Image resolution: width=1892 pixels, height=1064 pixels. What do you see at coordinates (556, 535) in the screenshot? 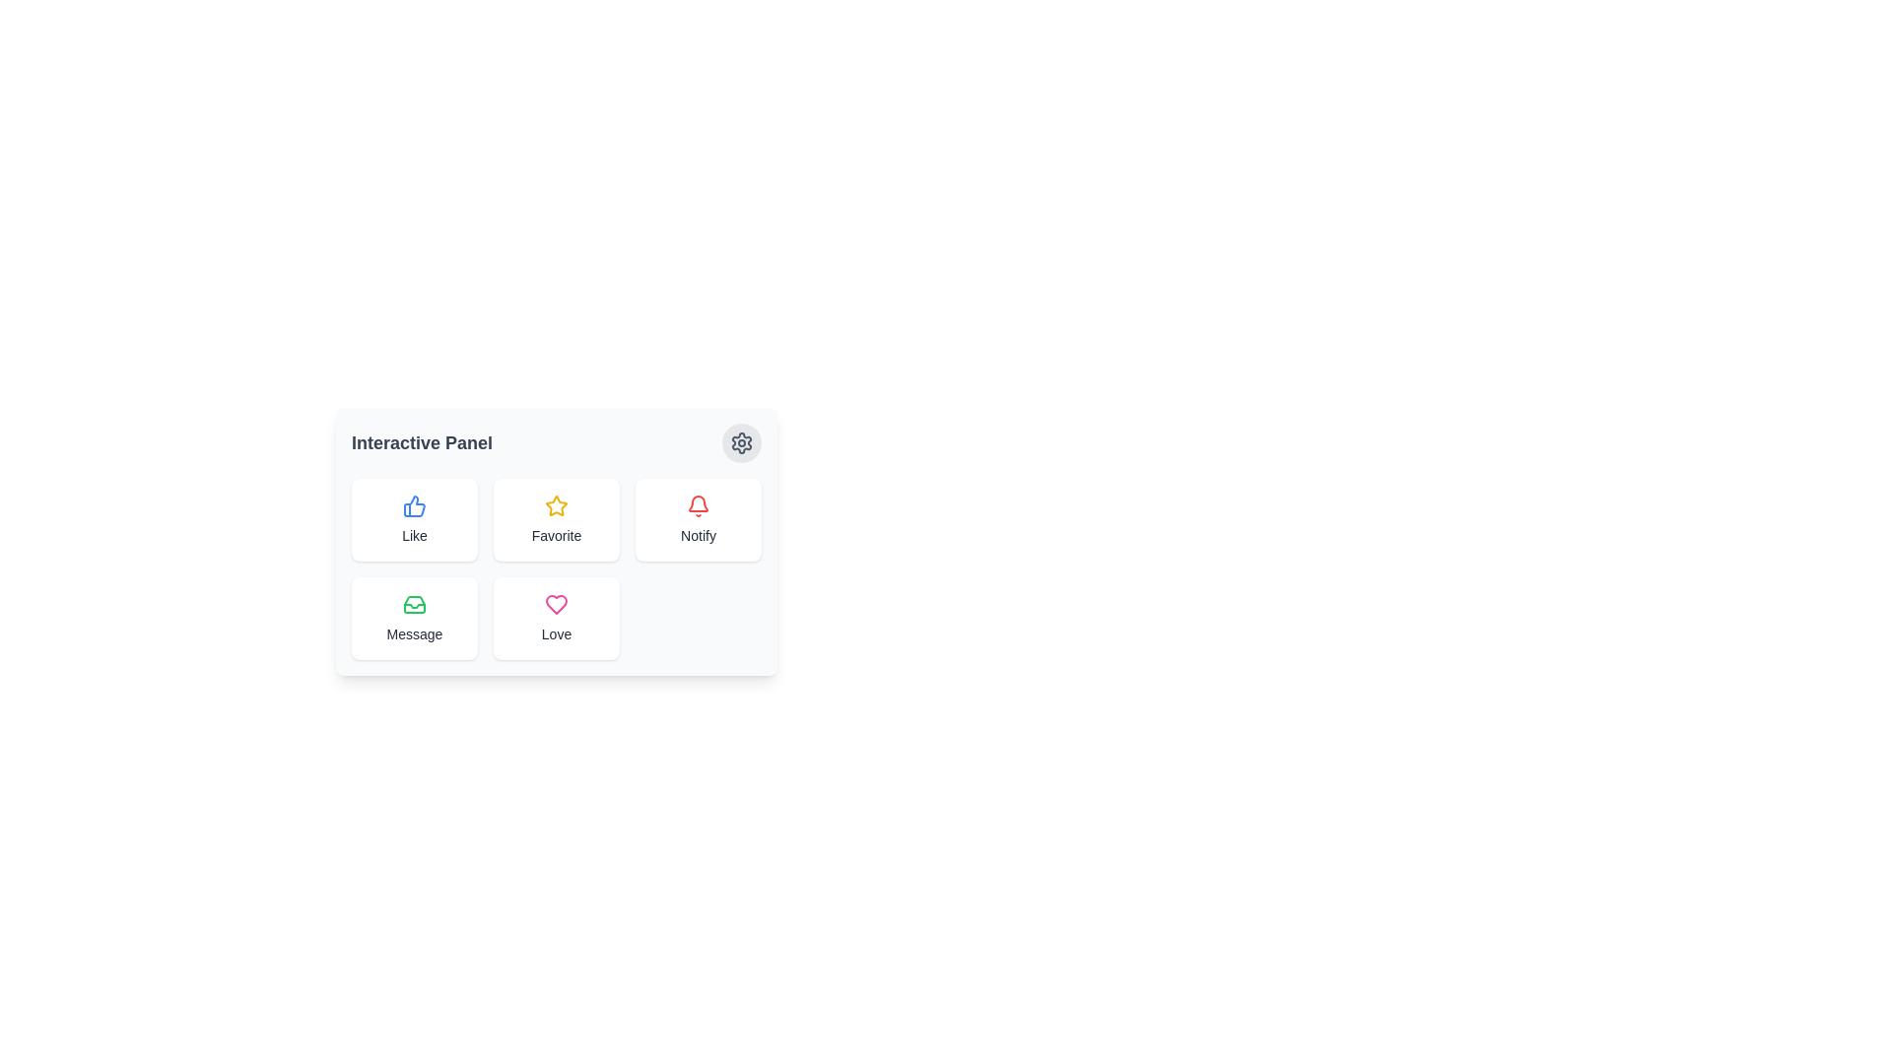
I see `the textual label indicating 'Favorite' located beneath the star icon in the card component within the grid layout` at bounding box center [556, 535].